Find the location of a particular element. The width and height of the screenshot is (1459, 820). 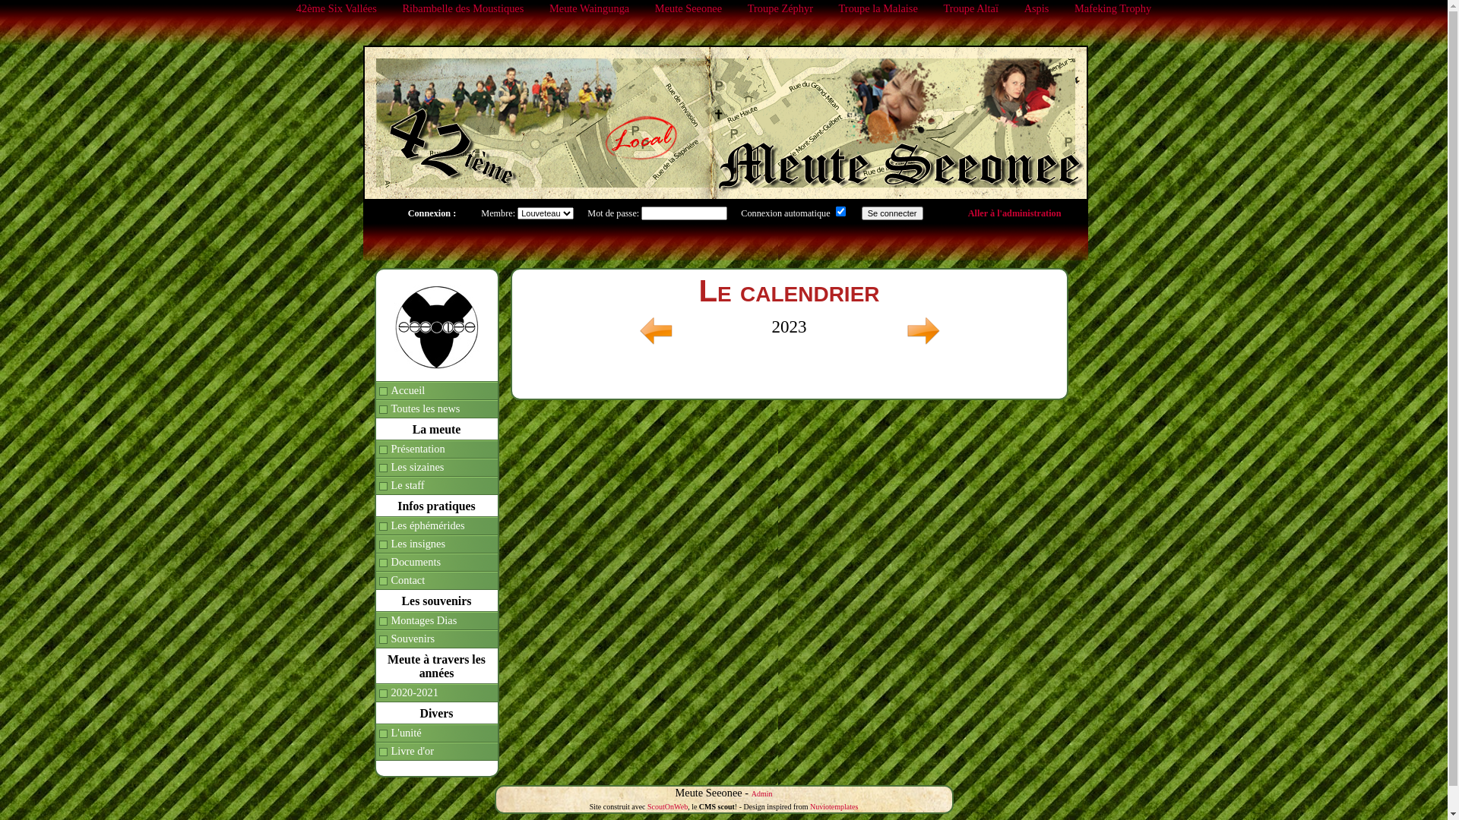

'Livre d'or' is located at coordinates (435, 752).